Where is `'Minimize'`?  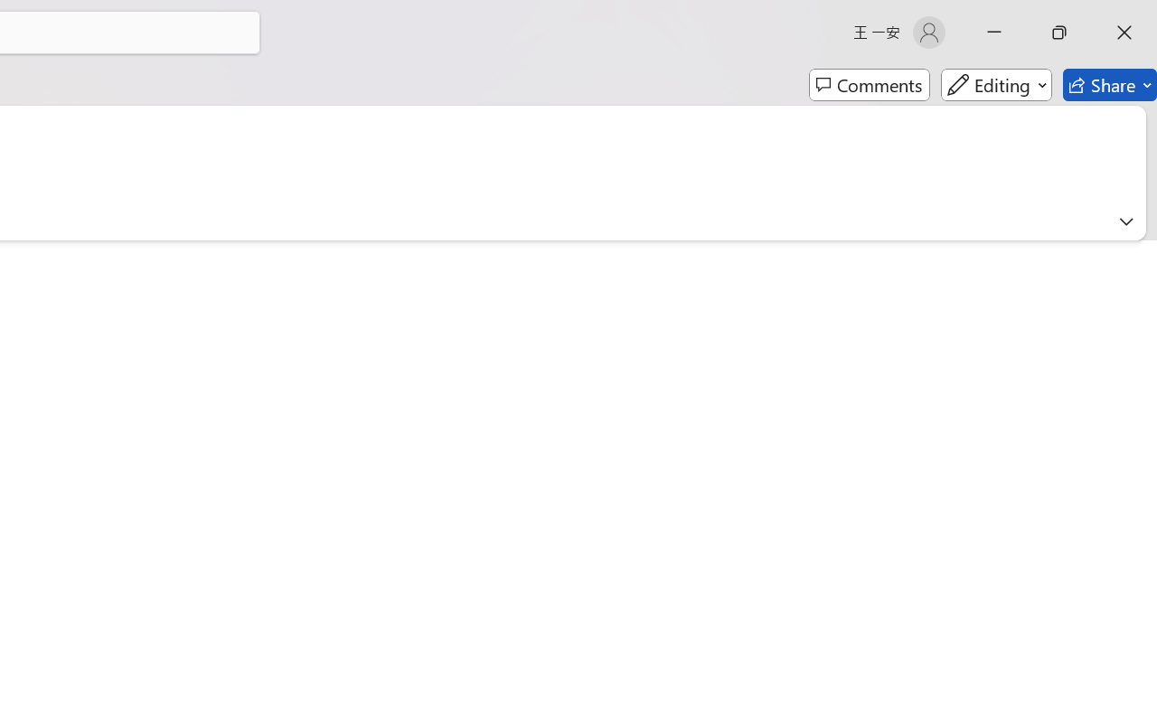
'Minimize' is located at coordinates (993, 32).